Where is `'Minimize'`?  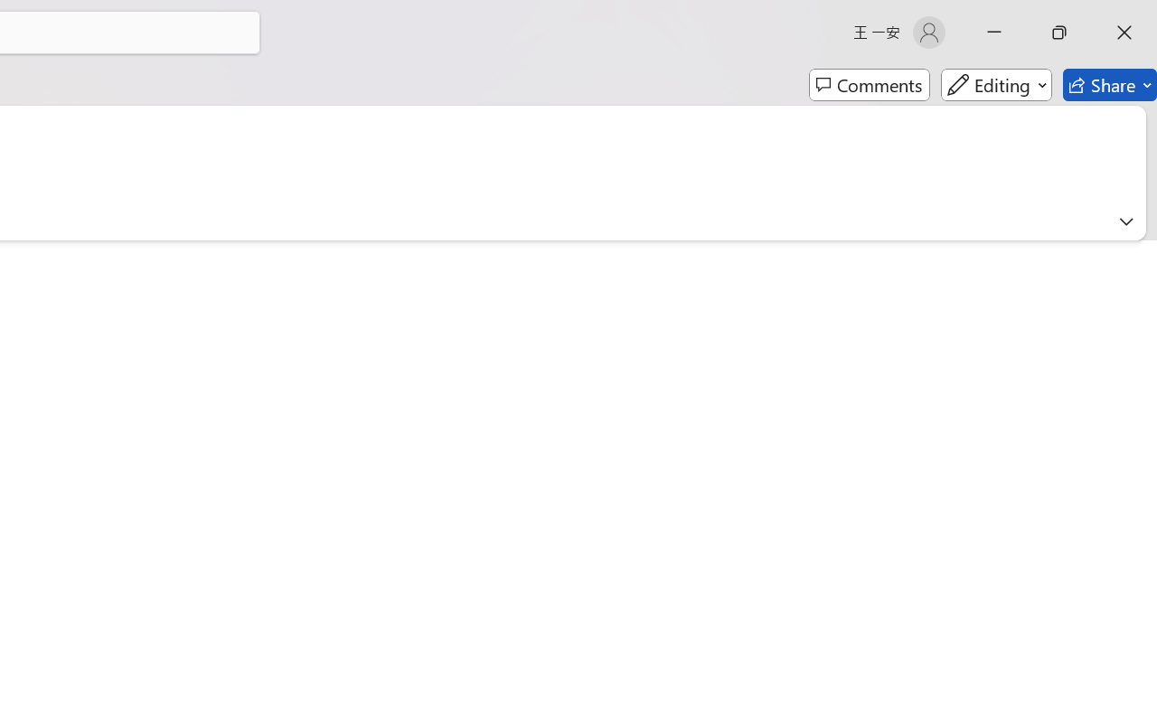
'Minimize' is located at coordinates (993, 32).